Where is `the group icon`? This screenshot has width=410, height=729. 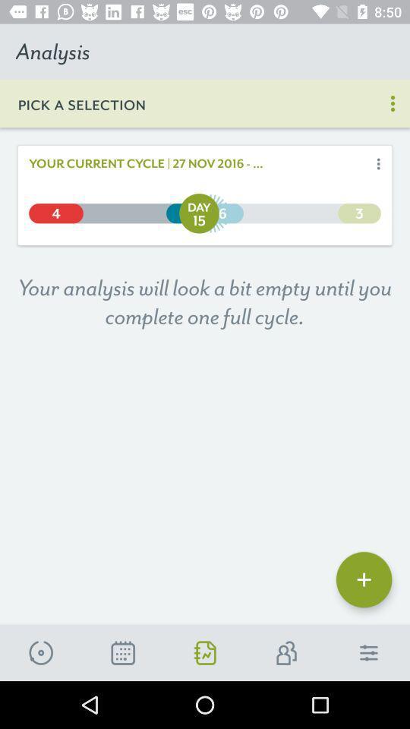
the group icon is located at coordinates (287, 652).